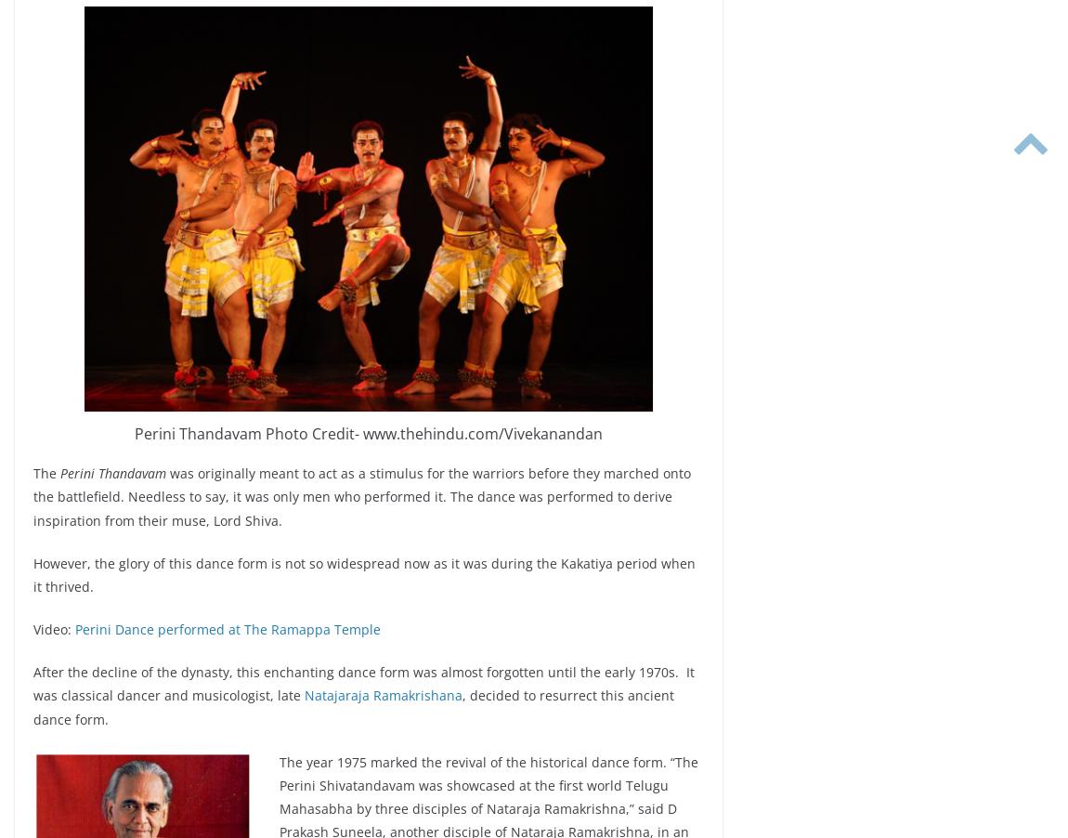 The width and height of the screenshot is (1068, 838). I want to click on 'was originally meant to act as a stimulus for the warriors before they marched onto the battlefield. Needless to say, it was only men who performed it. The dance was performed to derive inspiration from their muse, Lord Shiva.', so click(361, 496).